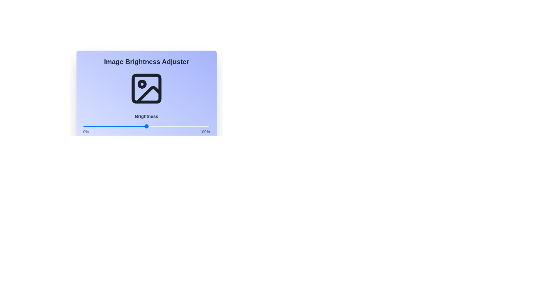  Describe the element at coordinates (149, 126) in the screenshot. I see `the brightness slider to 52%` at that location.